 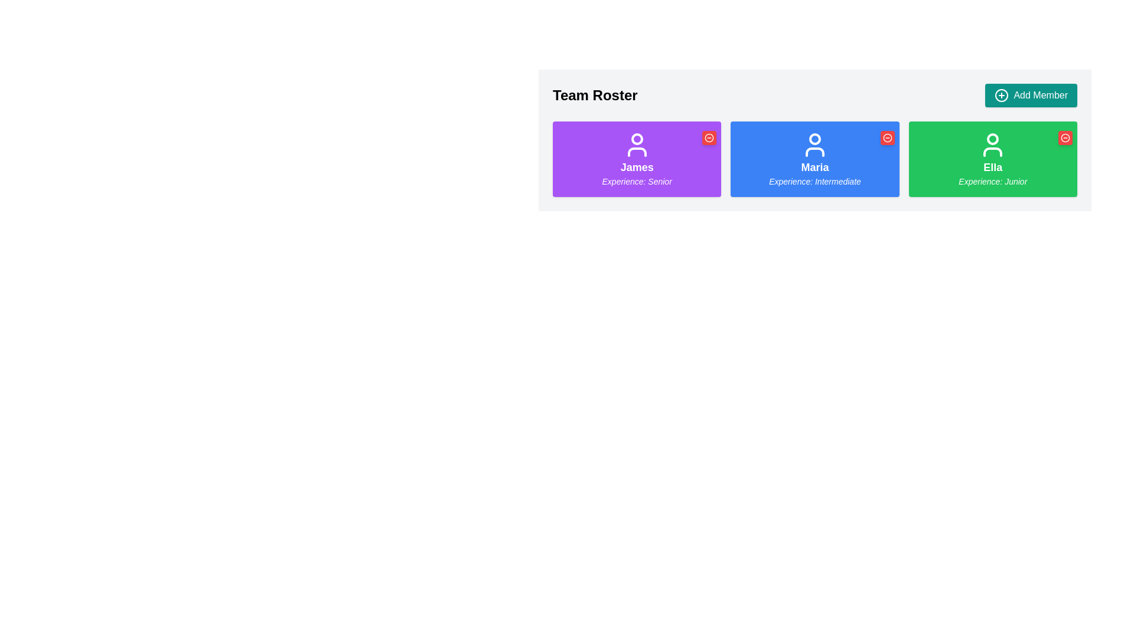 What do you see at coordinates (595, 95) in the screenshot?
I see `the static text label displaying 'Team Roster', located at the top left of the interface, to provide context for the user` at bounding box center [595, 95].